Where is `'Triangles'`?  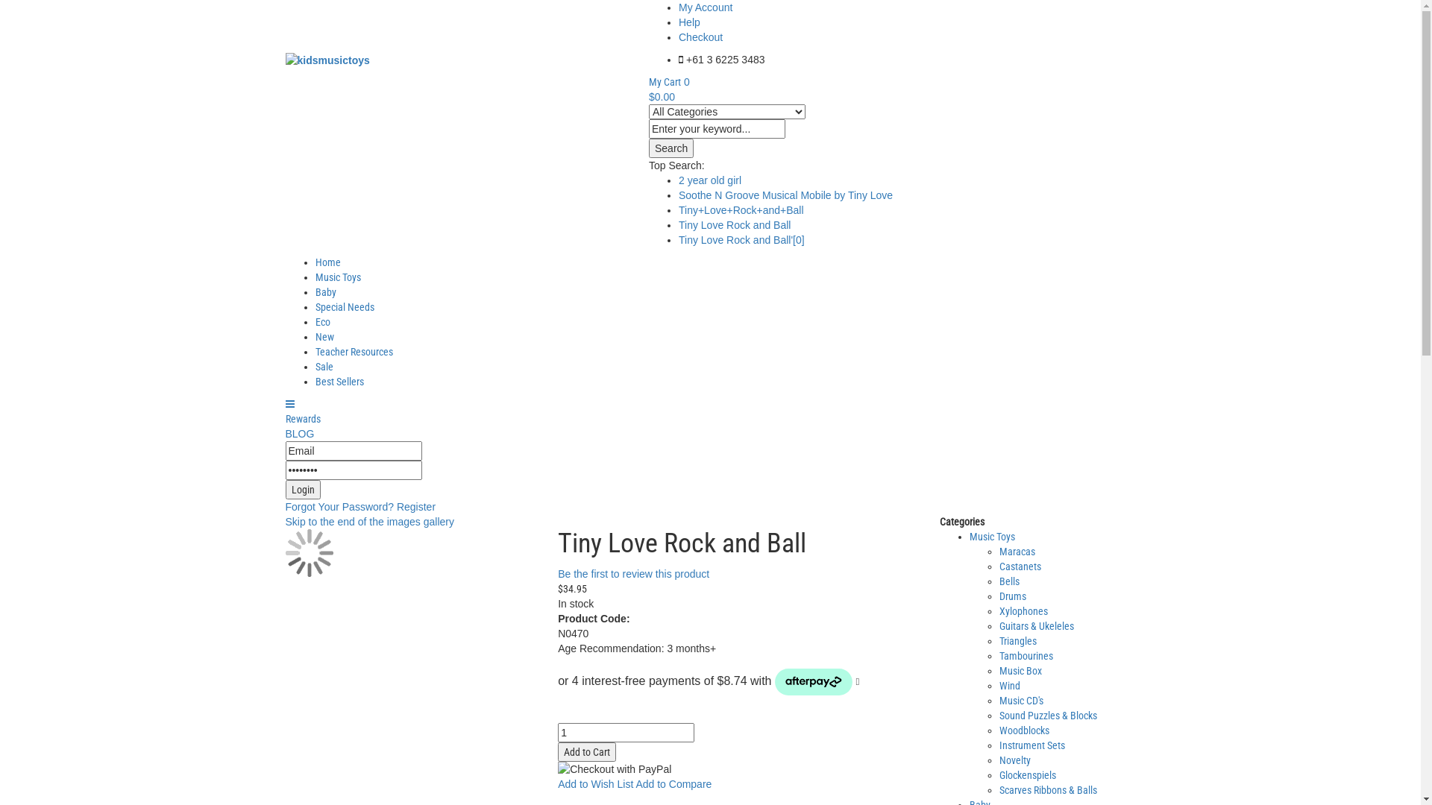
'Triangles' is located at coordinates (1017, 640).